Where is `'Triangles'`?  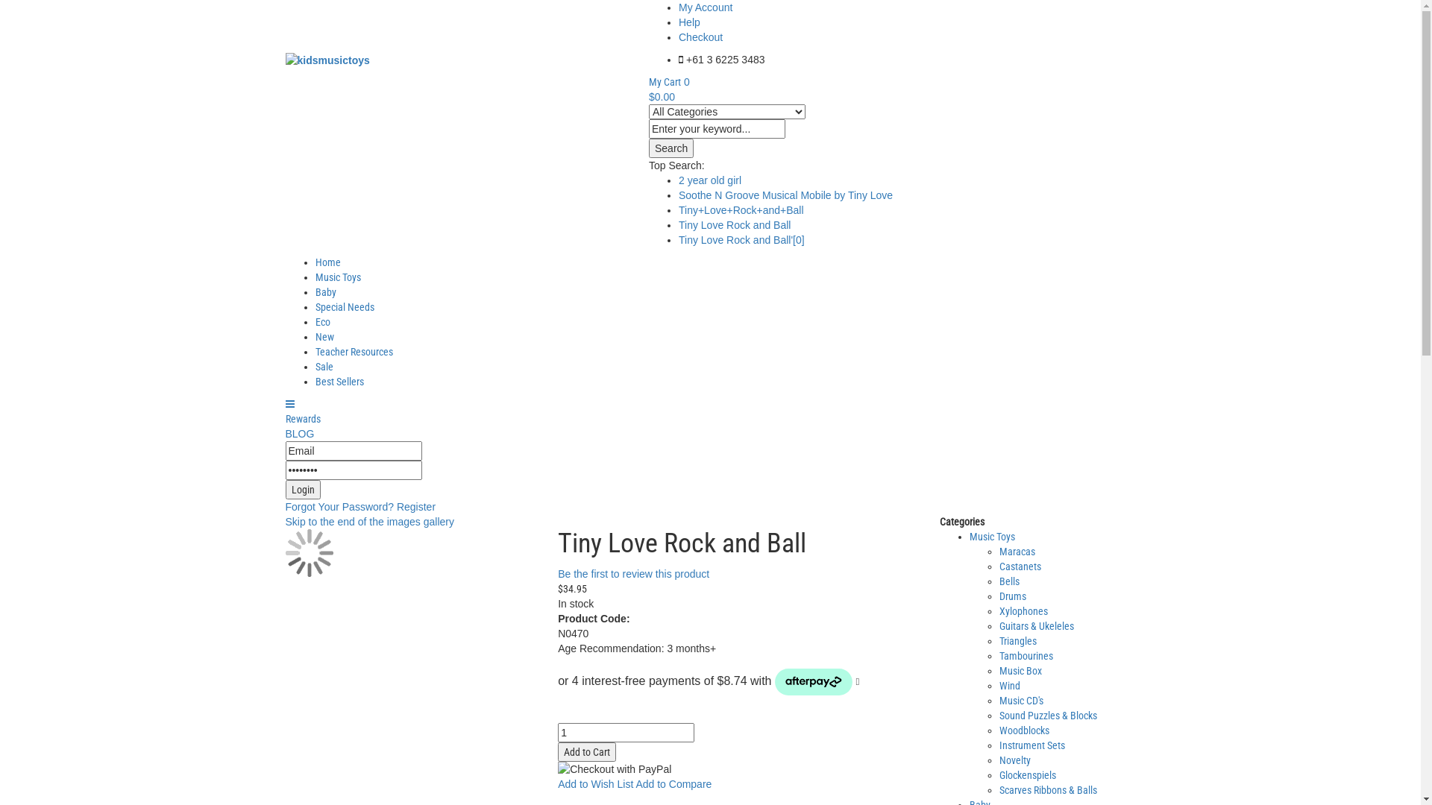
'Triangles' is located at coordinates (1017, 640).